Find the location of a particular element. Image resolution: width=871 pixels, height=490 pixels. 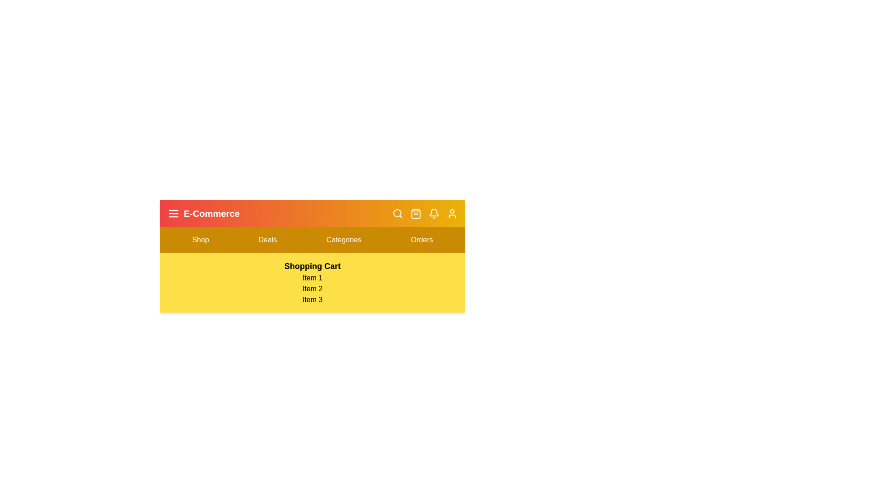

the notification icon is located at coordinates (433, 213).